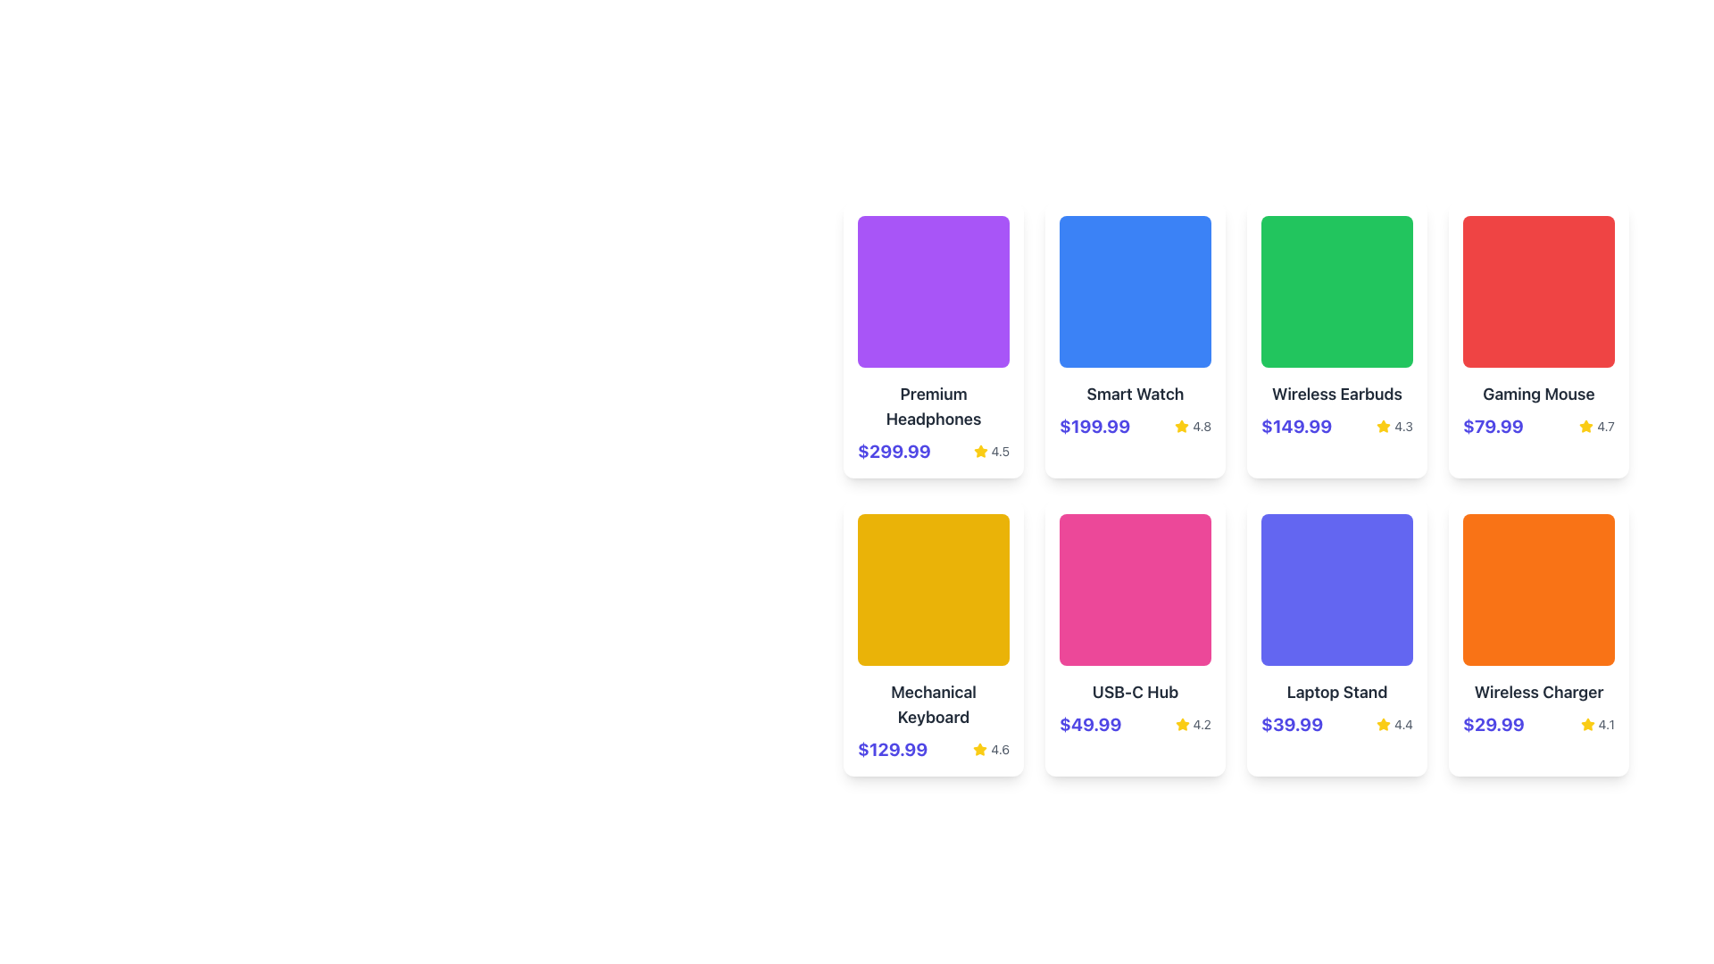 The width and height of the screenshot is (1714, 964). What do you see at coordinates (933, 750) in the screenshot?
I see `rating details of the Composite element displaying the price and rating indicator for the 'Mechanical Keyboard' card, located at the bottom section of the card` at bounding box center [933, 750].